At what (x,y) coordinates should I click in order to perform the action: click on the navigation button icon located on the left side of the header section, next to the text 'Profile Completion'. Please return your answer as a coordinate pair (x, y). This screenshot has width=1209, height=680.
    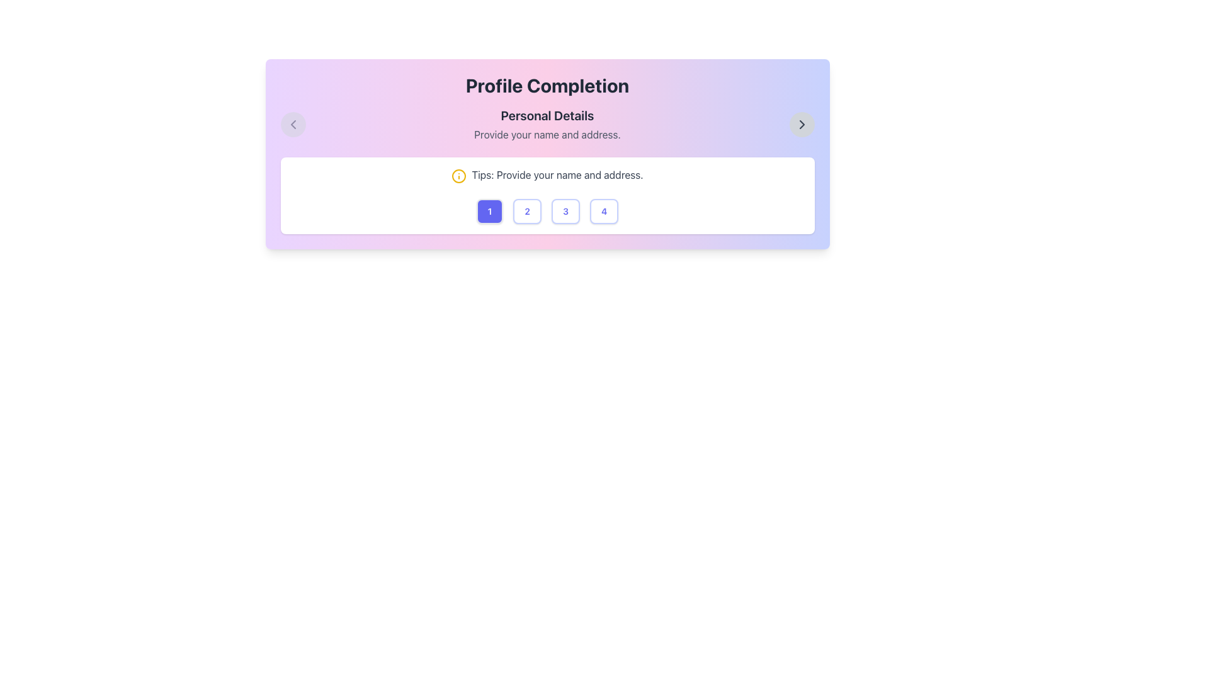
    Looking at the image, I should click on (292, 124).